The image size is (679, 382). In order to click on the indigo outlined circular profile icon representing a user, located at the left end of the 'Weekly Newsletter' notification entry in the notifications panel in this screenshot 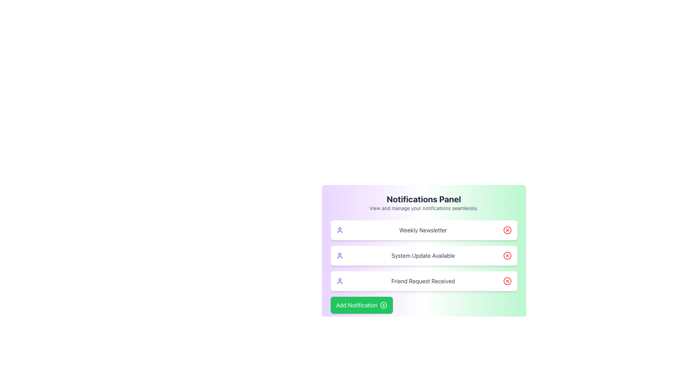, I will do `click(339, 230)`.